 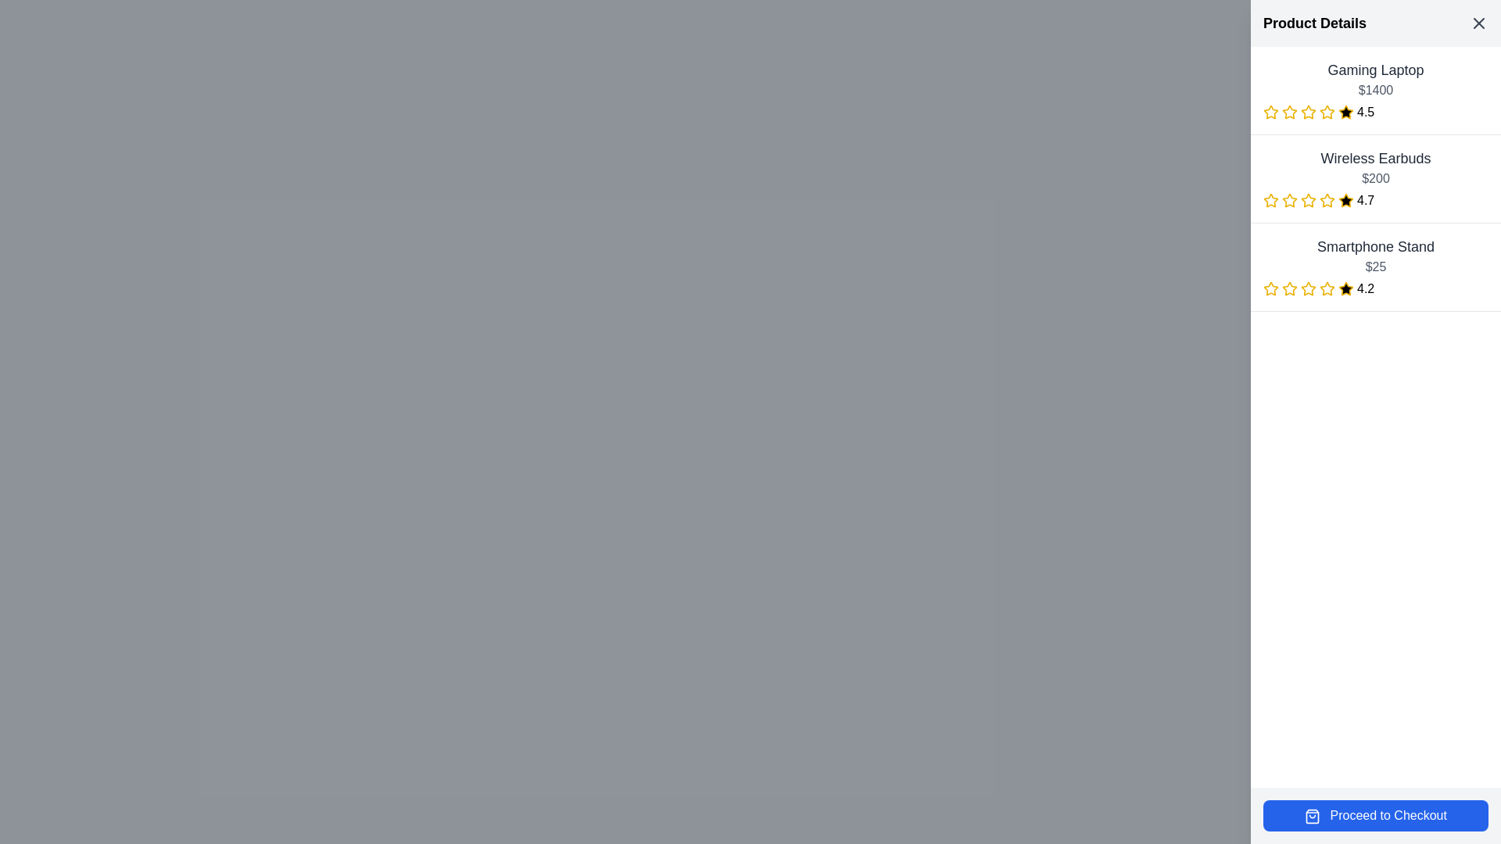 What do you see at coordinates (1290, 111) in the screenshot?
I see `the yellow star-shaped rating icon, which is the third star in a row of five stars under the 'Gaming Laptop' product details` at bounding box center [1290, 111].